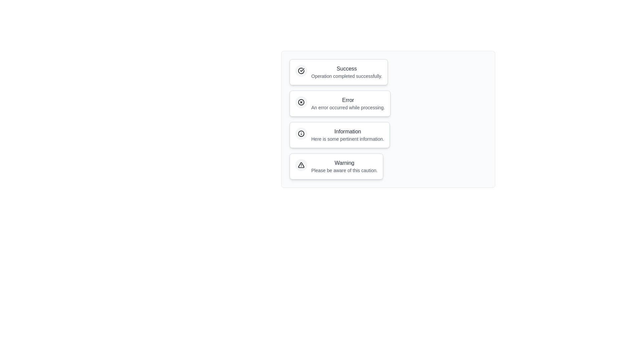 The image size is (642, 361). I want to click on the notification chip labeled Information, so click(339, 135).